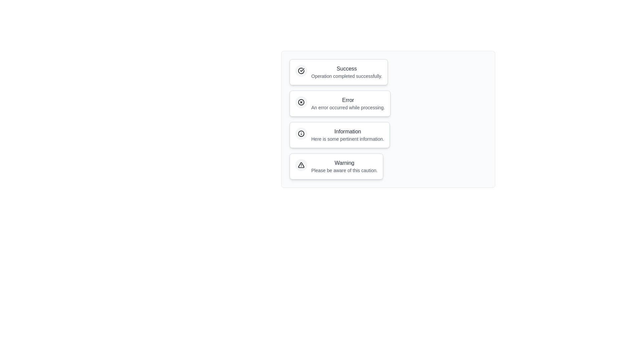 The image size is (642, 361). I want to click on the notification chip labeled Information, so click(339, 135).